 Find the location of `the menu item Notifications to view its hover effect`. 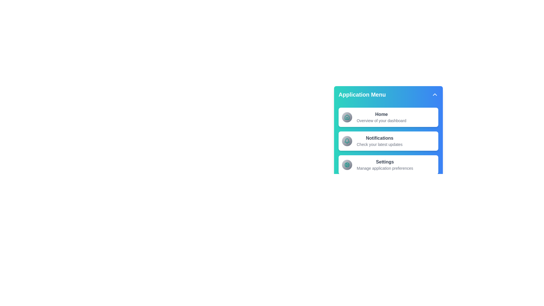

the menu item Notifications to view its hover effect is located at coordinates (388, 141).